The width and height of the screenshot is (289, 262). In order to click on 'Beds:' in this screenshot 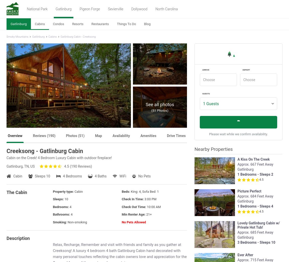, I will do `click(126, 191)`.